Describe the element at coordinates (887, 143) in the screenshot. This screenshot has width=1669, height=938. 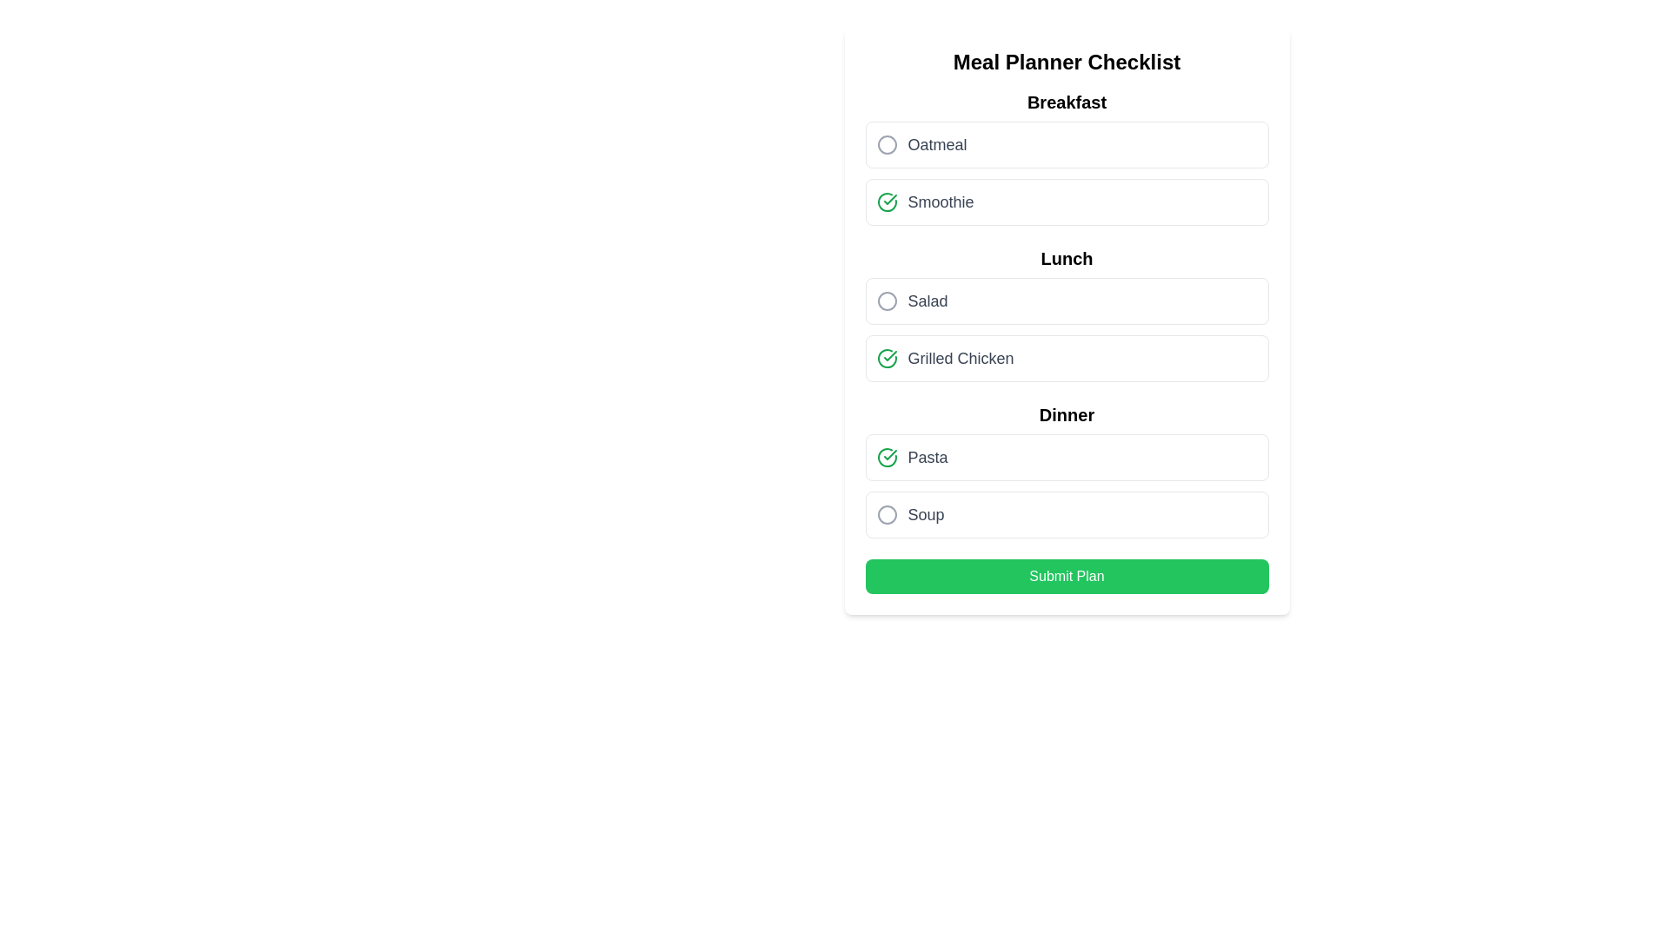
I see `the circular radiobutton marker located to the left of the 'Oatmeal' label in the checklist interface` at that location.